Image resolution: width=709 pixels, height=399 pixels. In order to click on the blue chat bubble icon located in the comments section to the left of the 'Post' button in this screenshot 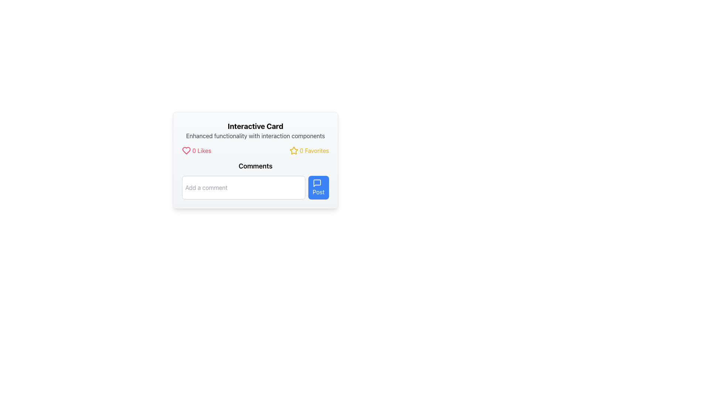, I will do `click(317, 183)`.